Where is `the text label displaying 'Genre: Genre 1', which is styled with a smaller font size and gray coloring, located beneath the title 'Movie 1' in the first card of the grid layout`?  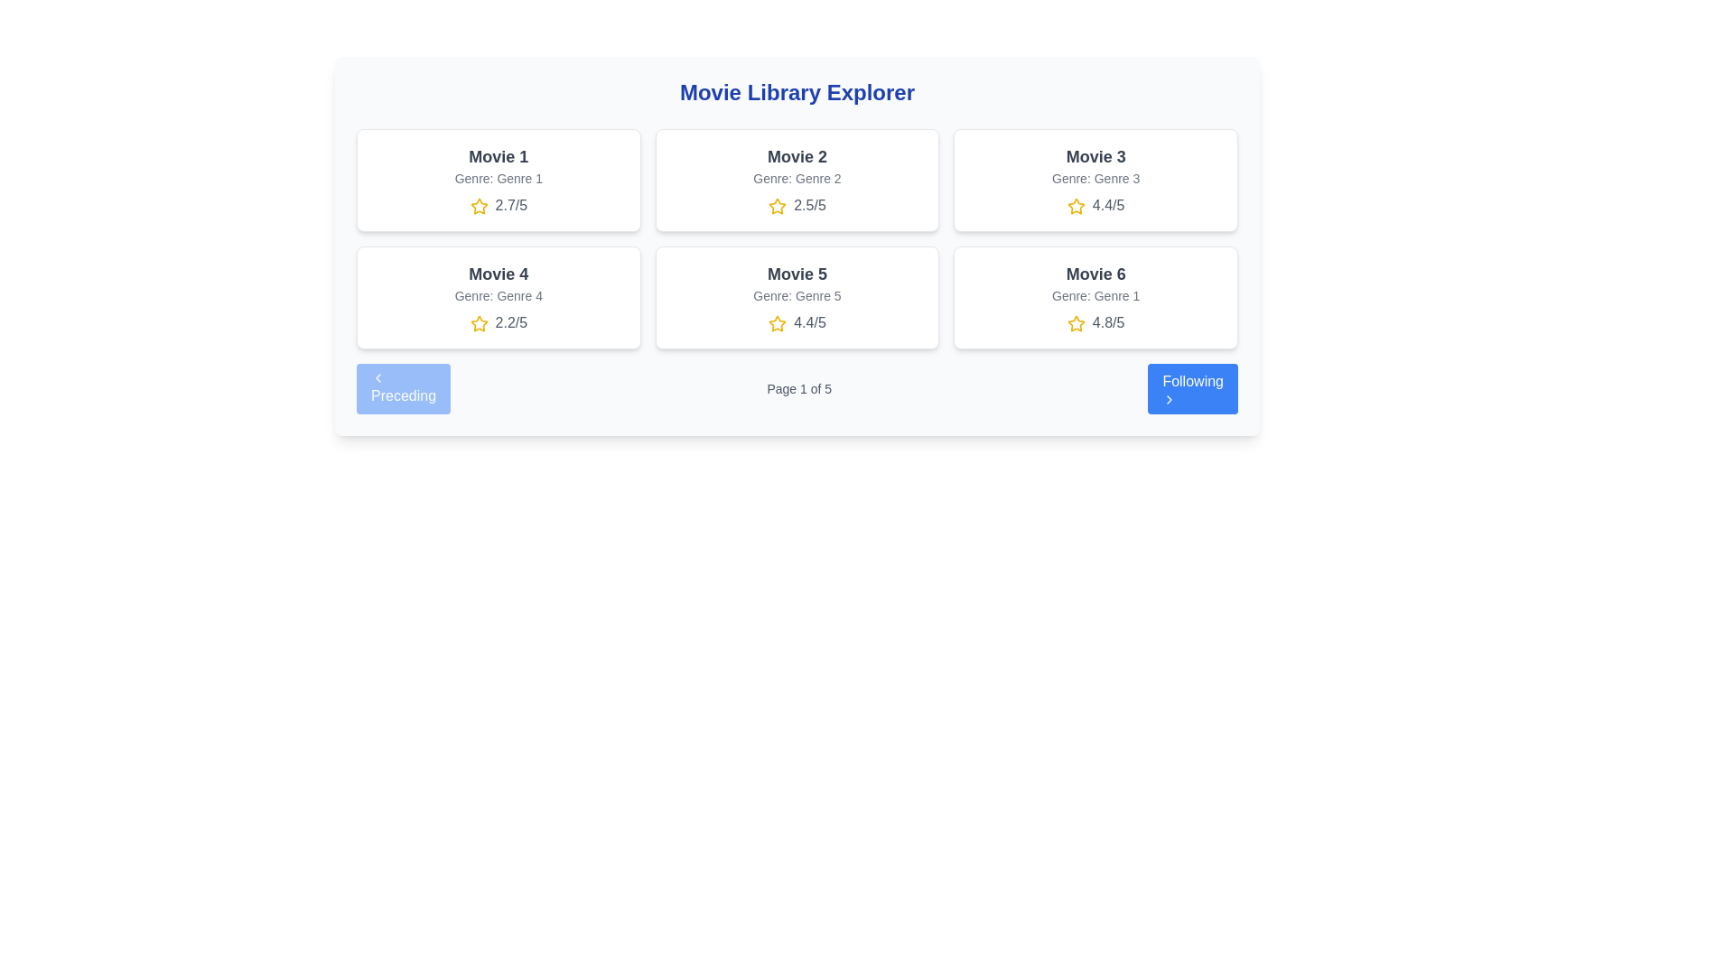 the text label displaying 'Genre: Genre 1', which is styled with a smaller font size and gray coloring, located beneath the title 'Movie 1' in the first card of the grid layout is located at coordinates (499, 178).